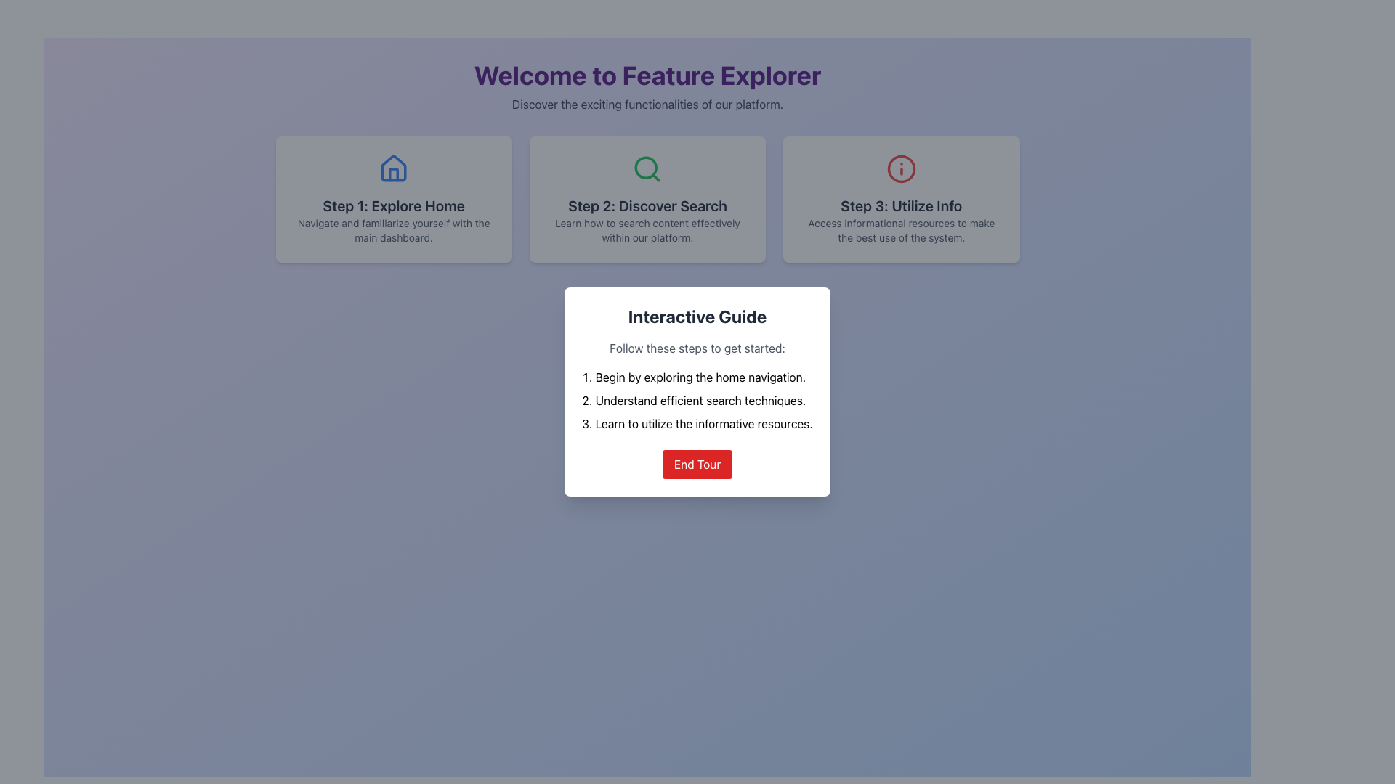  I want to click on text label that says 'Discover the exciting functionalities of our platform.' located beneath the heading 'Welcome to Feature Explorer.', so click(647, 103).